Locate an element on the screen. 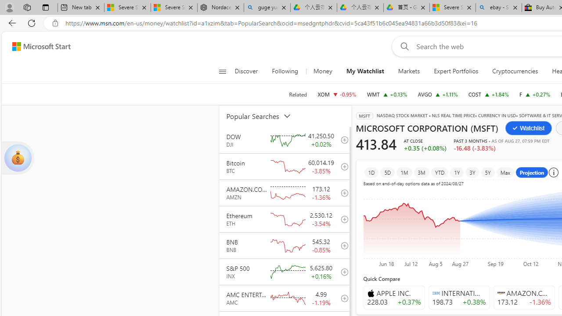 The image size is (562, 316). 'Tab actions menu' is located at coordinates (45, 7).